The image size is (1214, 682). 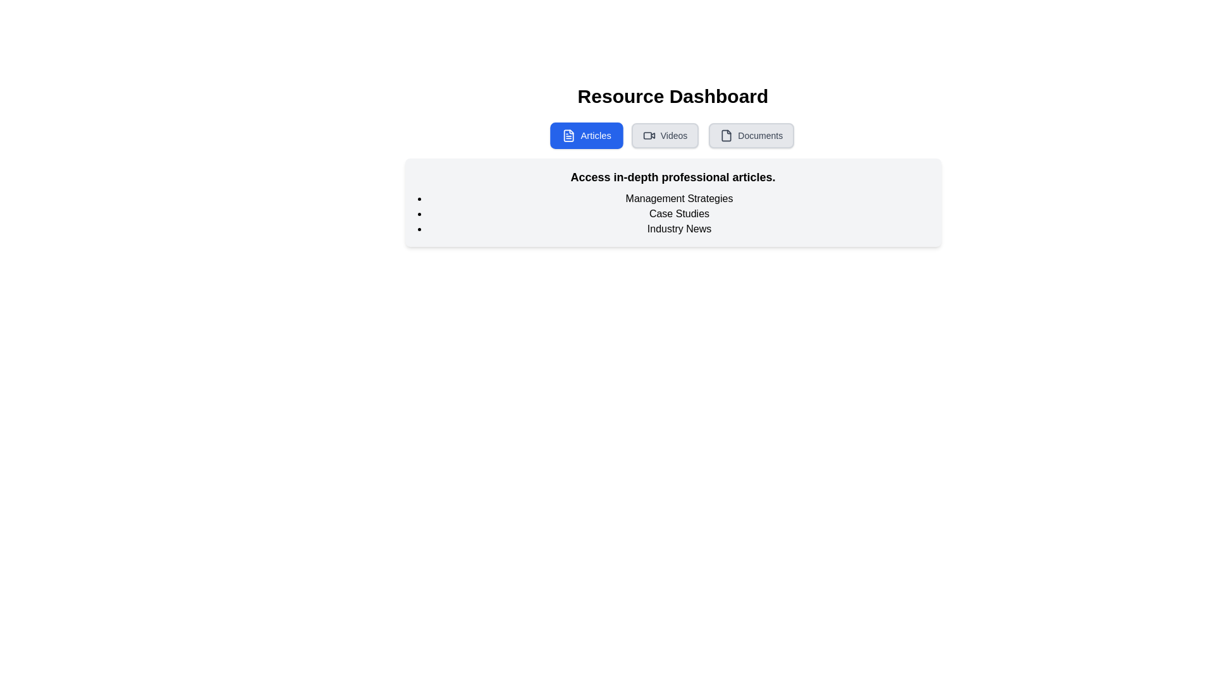 I want to click on the 'Industry News' text label, which is the last item in the unordered list located in the central panel of the interface, so click(x=678, y=229).